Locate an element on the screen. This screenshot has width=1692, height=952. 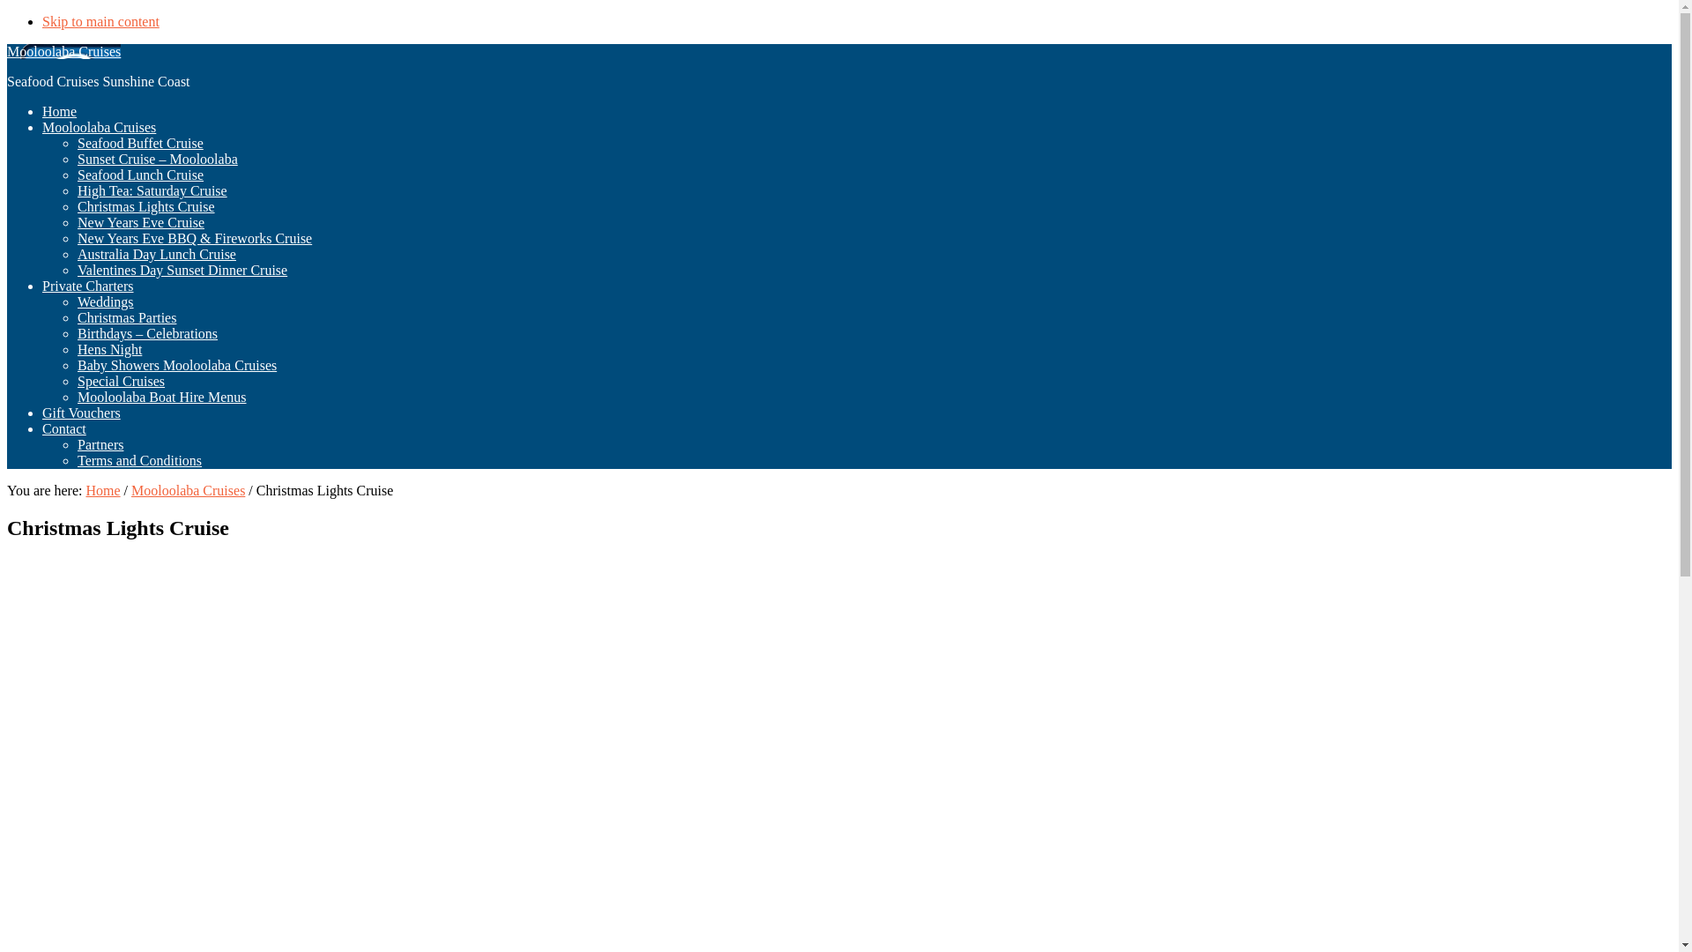
'Baby Showers Mooloolaba Cruises' is located at coordinates (76, 364).